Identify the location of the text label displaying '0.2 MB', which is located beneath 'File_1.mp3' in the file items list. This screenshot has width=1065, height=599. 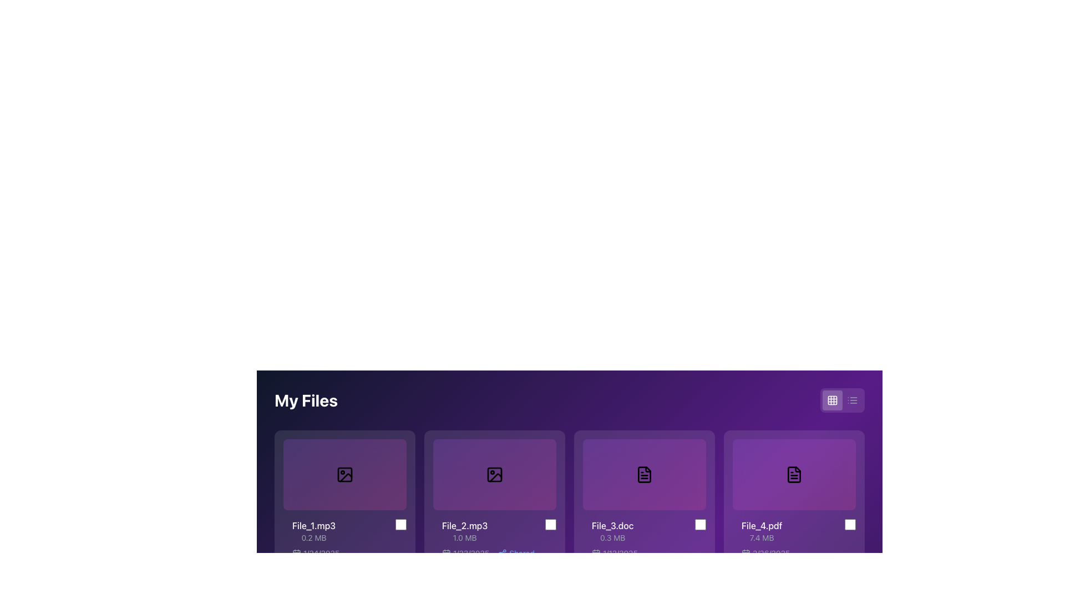
(313, 537).